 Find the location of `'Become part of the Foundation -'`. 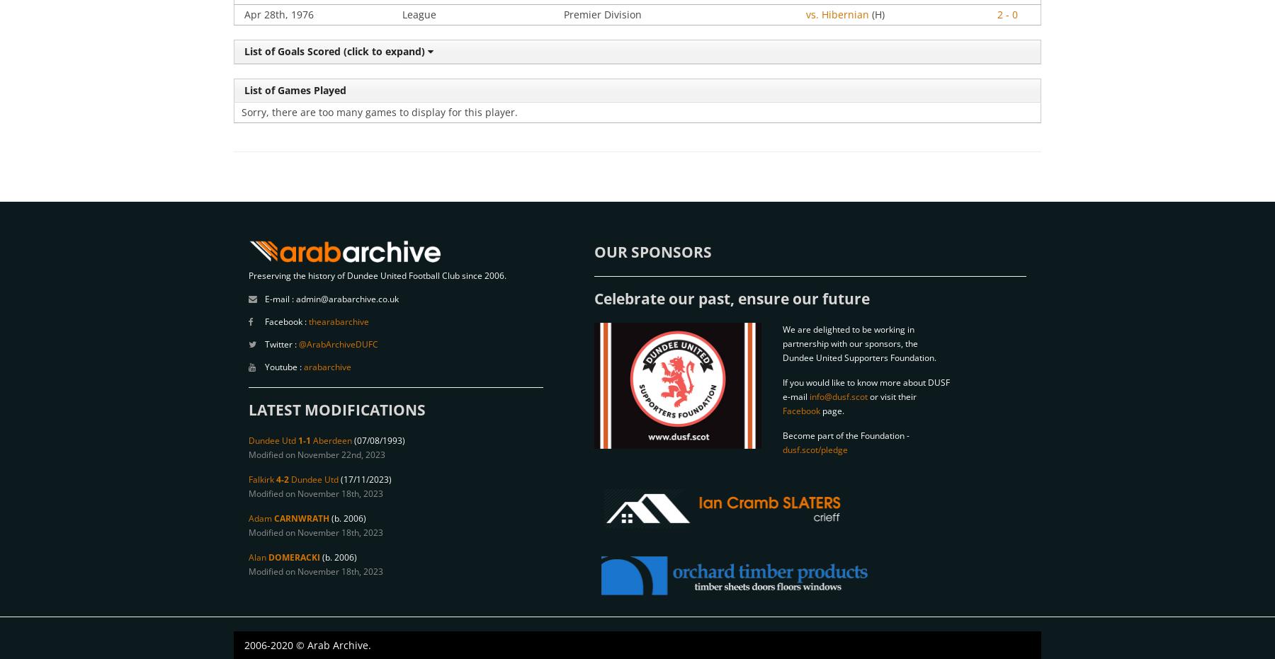

'Become part of the Foundation -' is located at coordinates (783, 435).